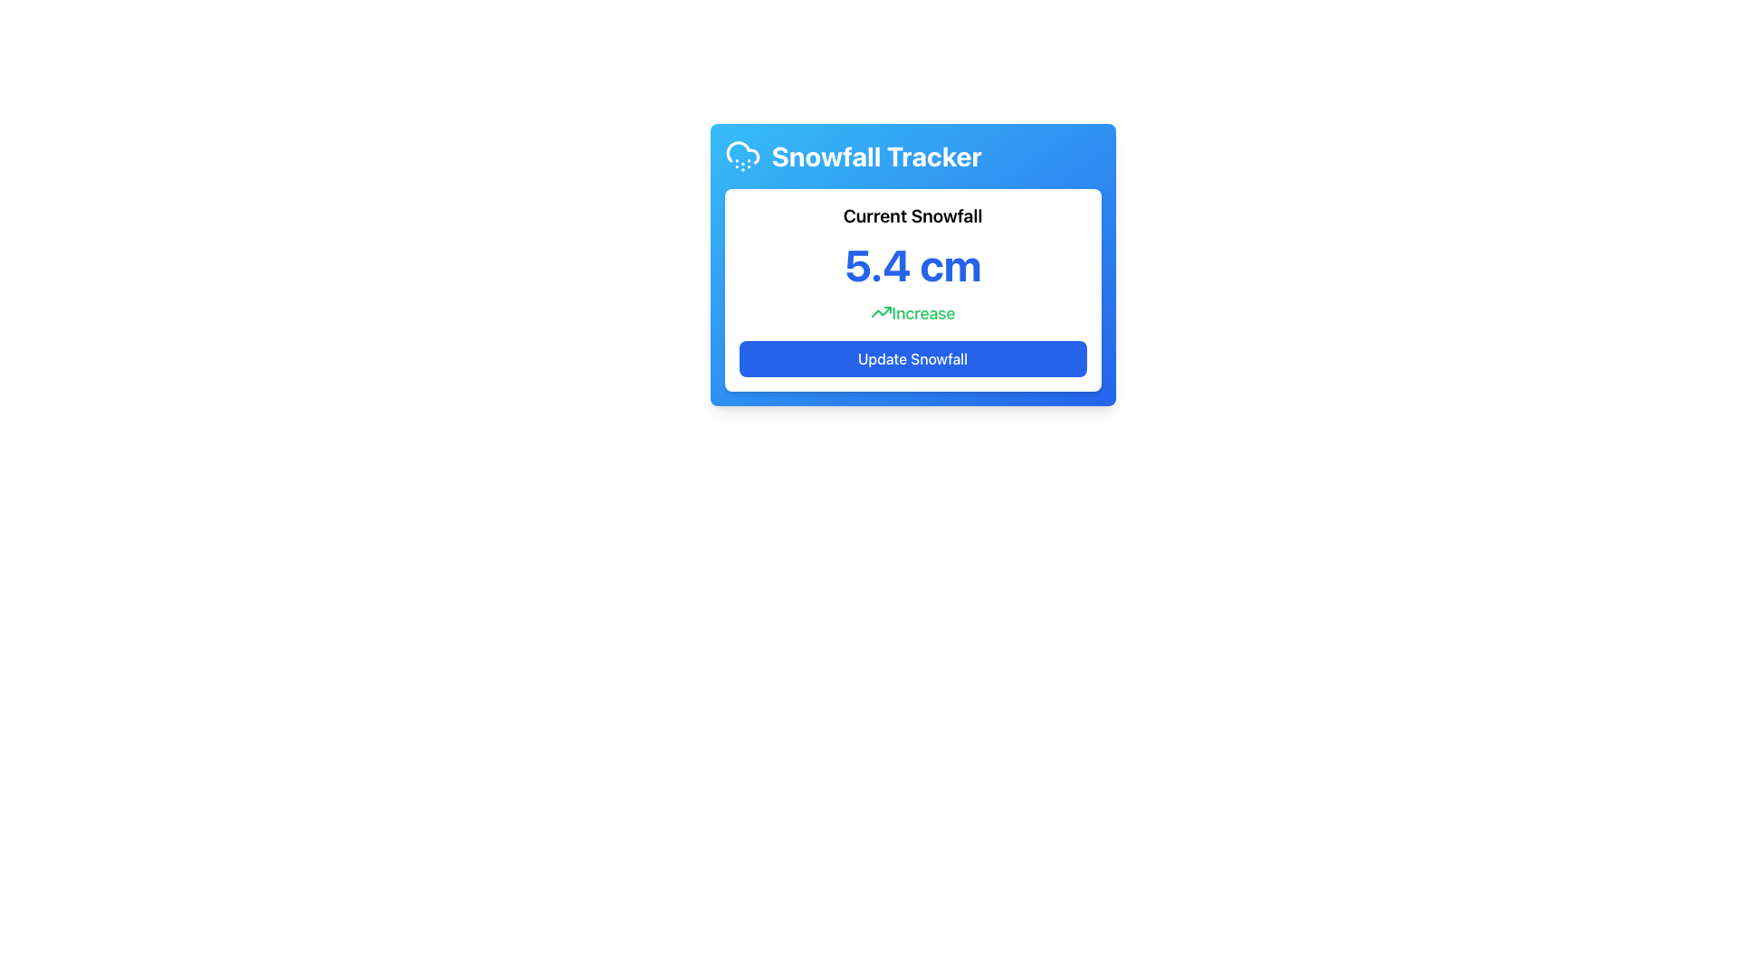 Image resolution: width=1738 pixels, height=977 pixels. I want to click on the decorative icon located to the left of the 'Snowfall Tracker' header title, which indicates the widget's relation to snowfall or weather tracking, so click(742, 156).